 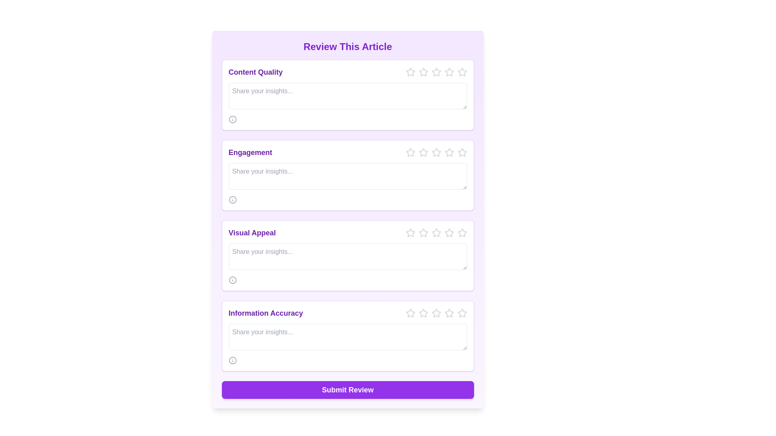 I want to click on the first star icon in the Star rating component, so click(x=410, y=232).